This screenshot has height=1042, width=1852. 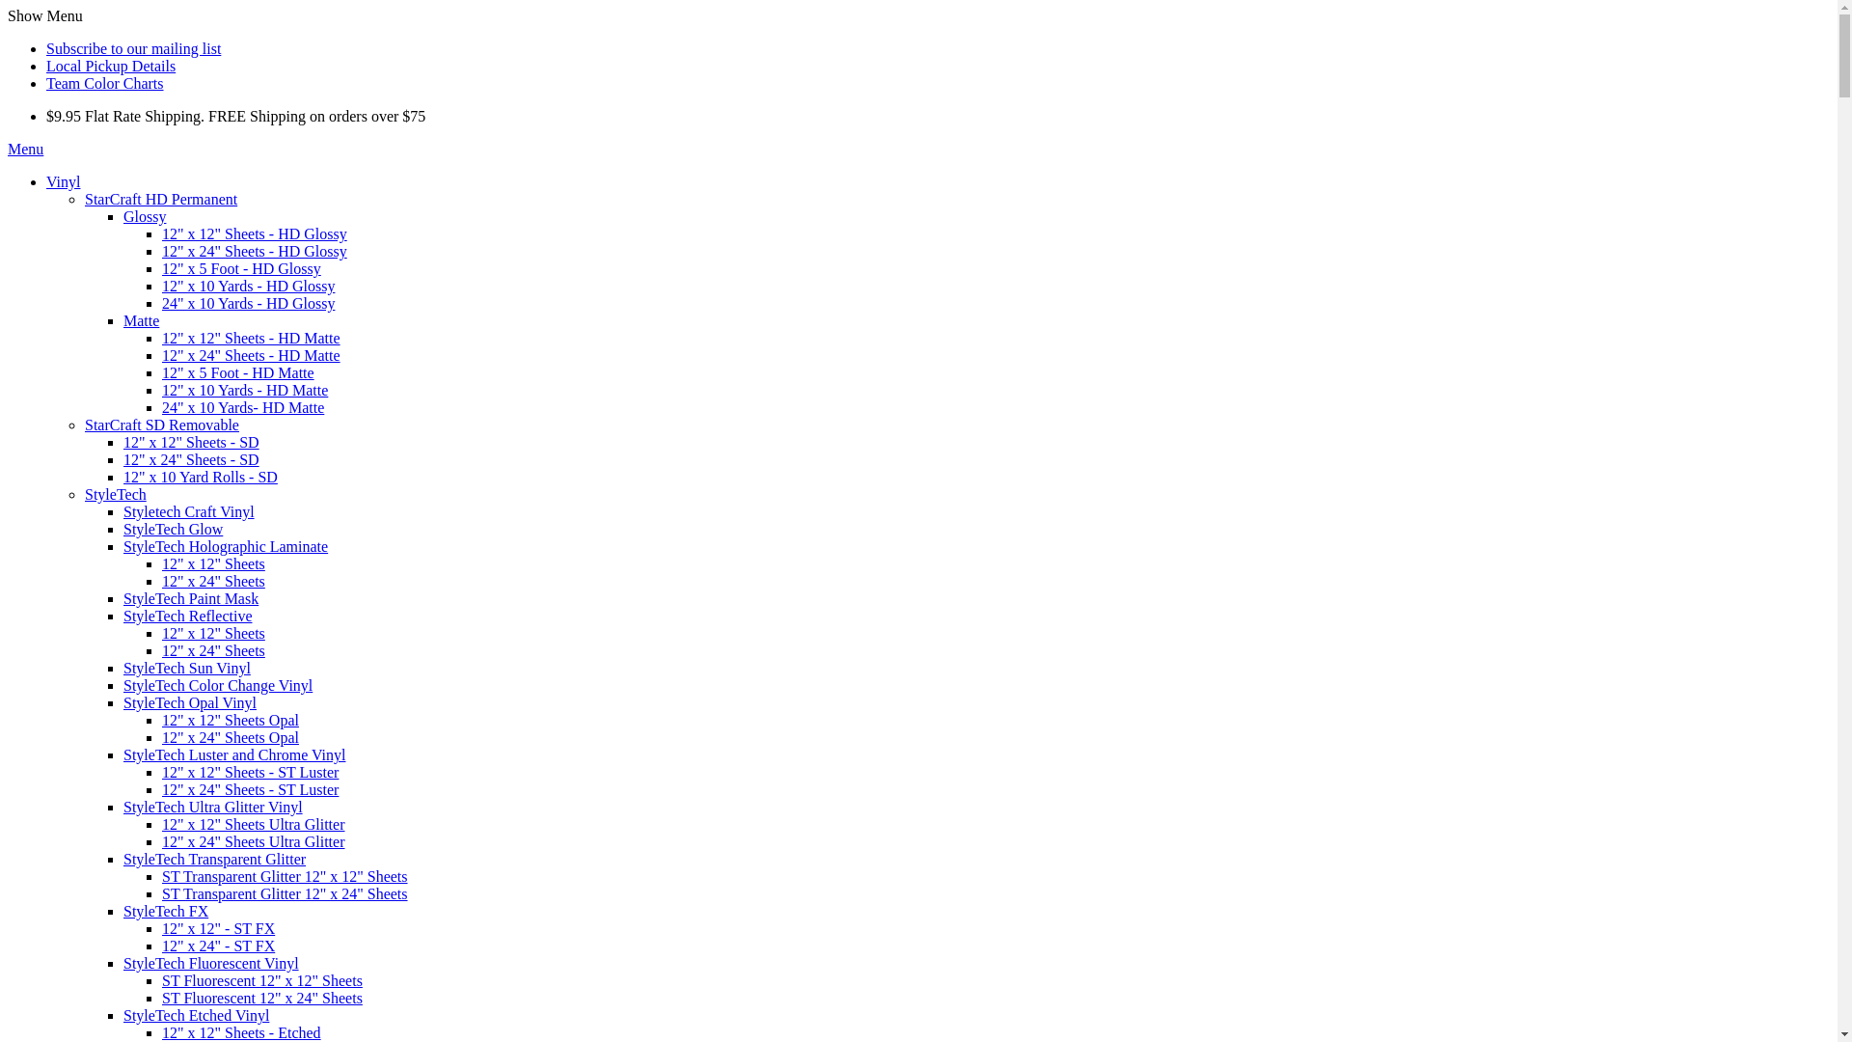 What do you see at coordinates (213, 633) in the screenshot?
I see `'12" x 12" Sheets'` at bounding box center [213, 633].